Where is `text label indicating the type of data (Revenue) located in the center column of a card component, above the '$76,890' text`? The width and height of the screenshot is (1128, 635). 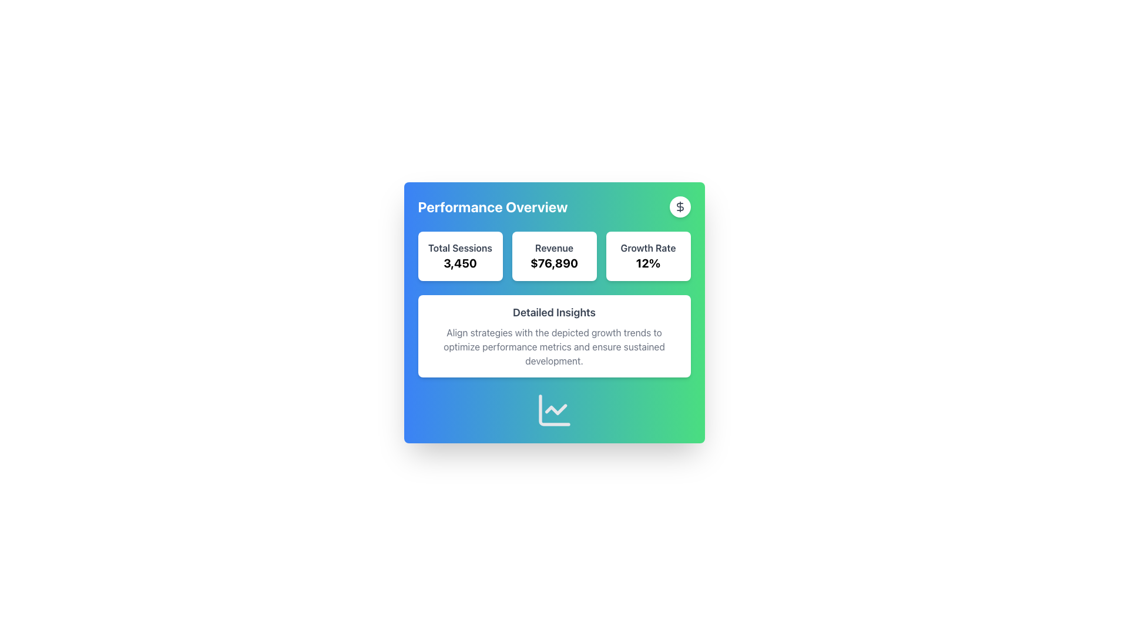
text label indicating the type of data (Revenue) located in the center column of a card component, above the '$76,890' text is located at coordinates (553, 247).